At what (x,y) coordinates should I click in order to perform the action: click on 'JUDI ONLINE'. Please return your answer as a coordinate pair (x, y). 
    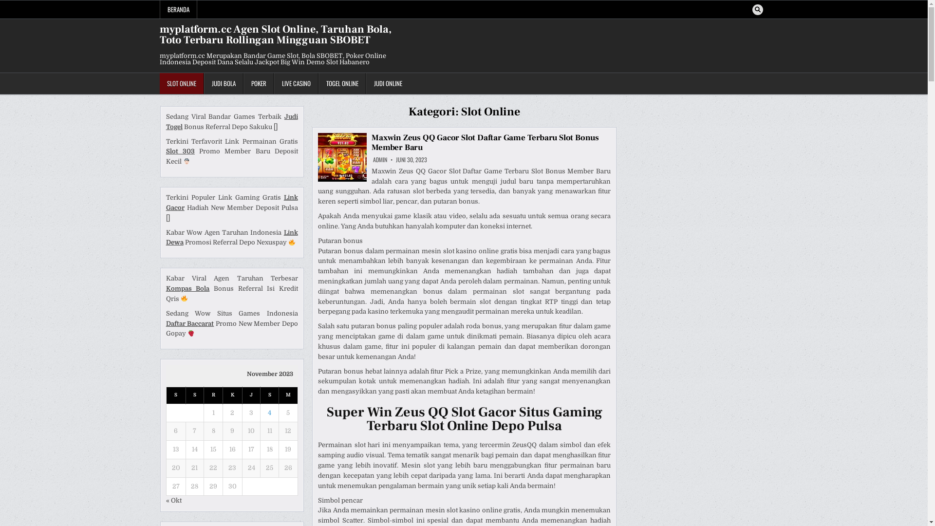
    Looking at the image, I should click on (387, 83).